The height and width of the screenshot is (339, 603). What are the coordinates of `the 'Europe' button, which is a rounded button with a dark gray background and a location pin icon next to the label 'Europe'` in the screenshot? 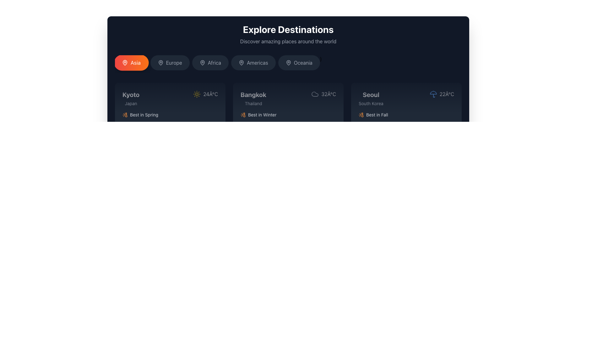 It's located at (170, 63).